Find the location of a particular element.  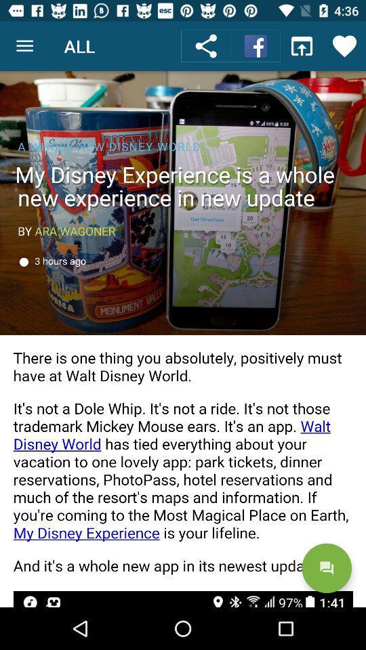

the chat icon is located at coordinates (326, 568).